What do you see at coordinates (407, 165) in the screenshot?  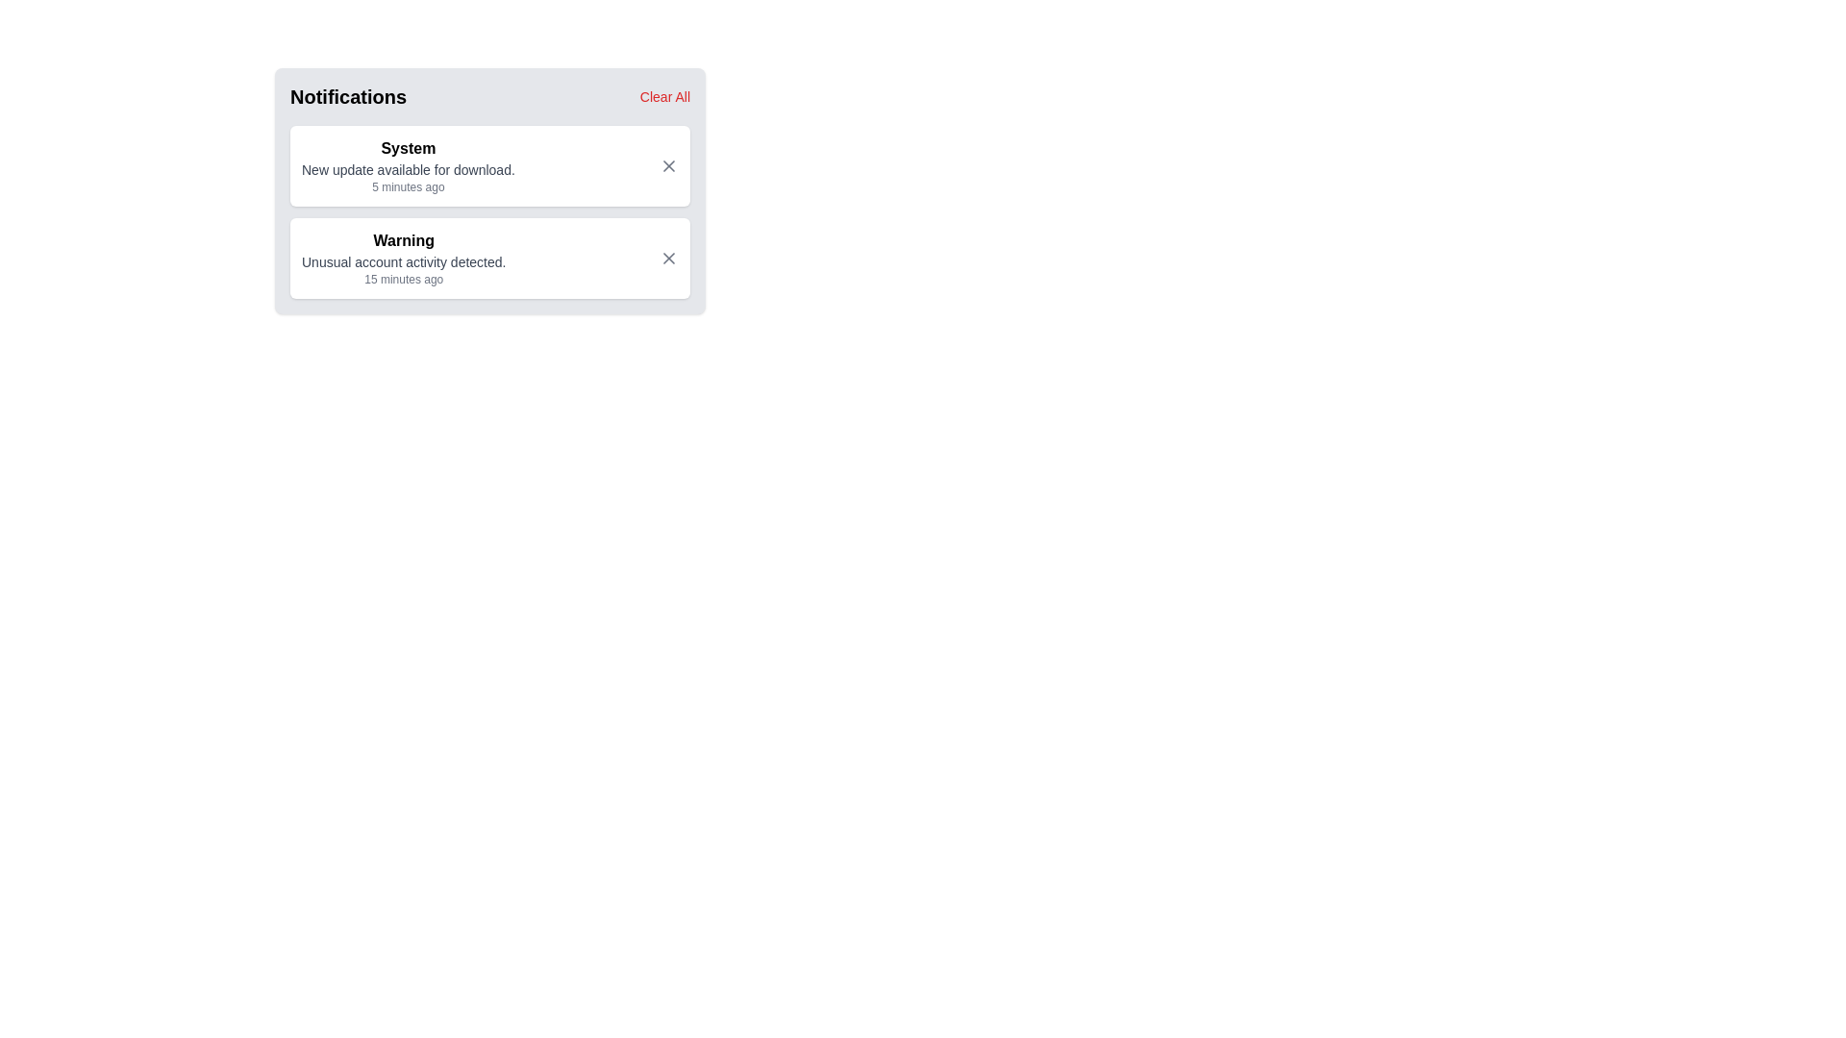 I see `the first notification item in the notification panel which indicates a system update is available for download` at bounding box center [407, 165].